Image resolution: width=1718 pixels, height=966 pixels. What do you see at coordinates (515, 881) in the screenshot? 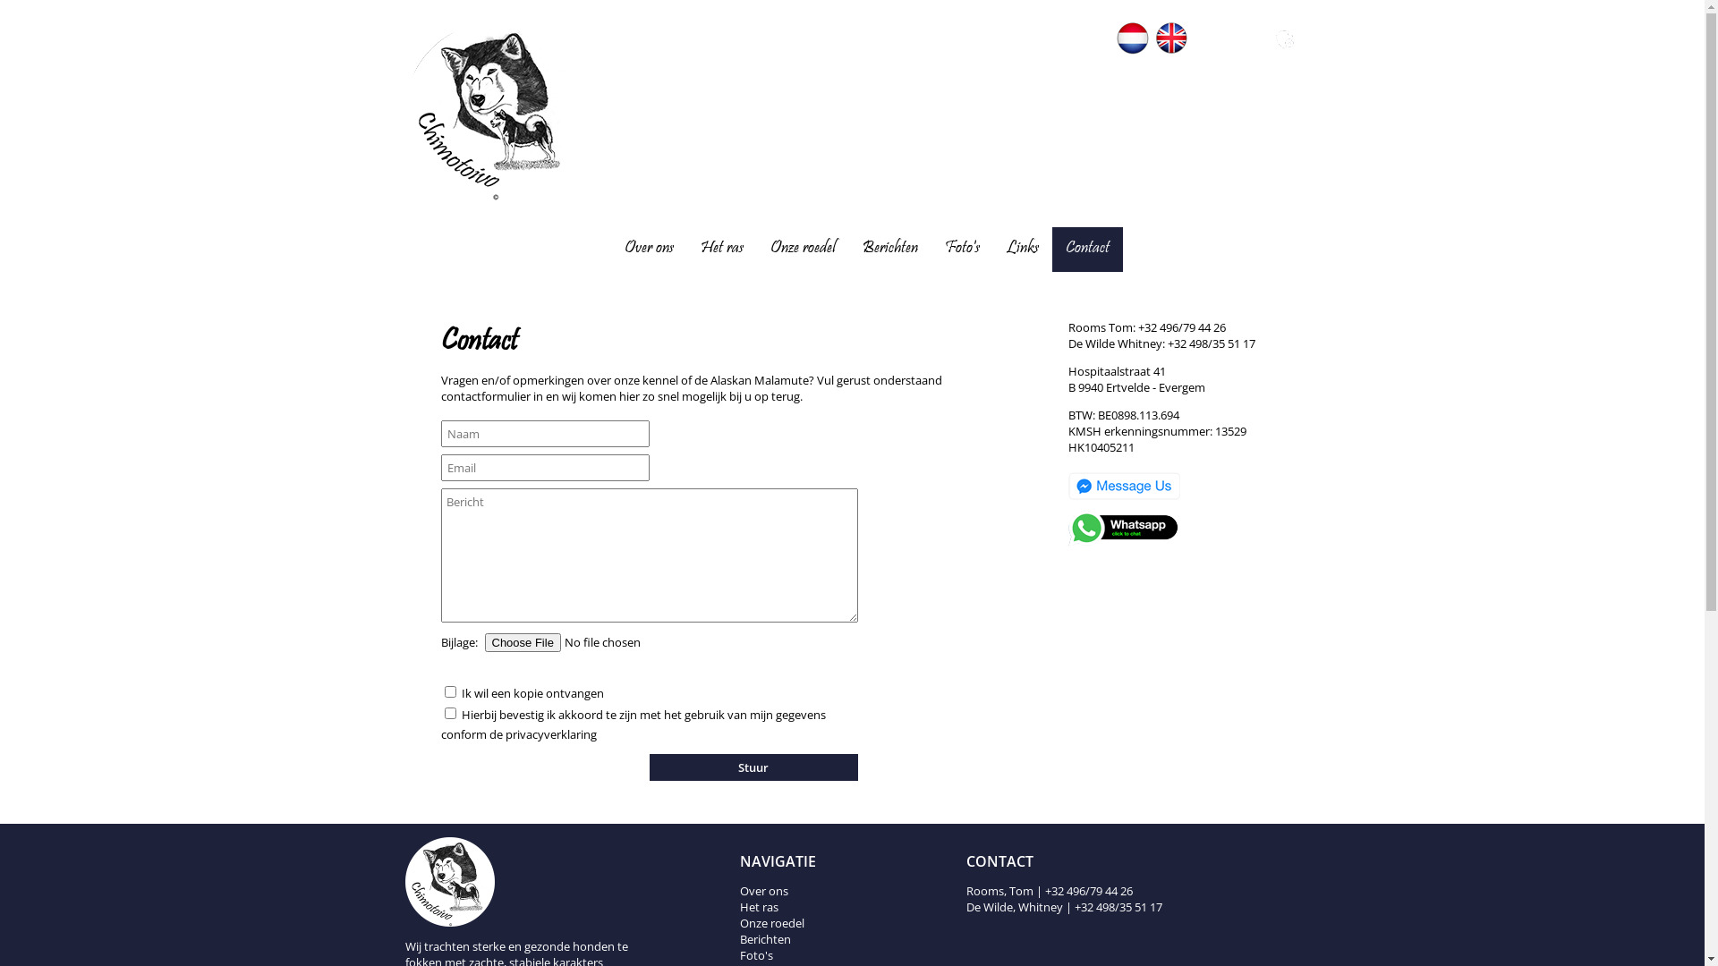
I see `'Chimotoivo Alaskan Malamute'` at bounding box center [515, 881].